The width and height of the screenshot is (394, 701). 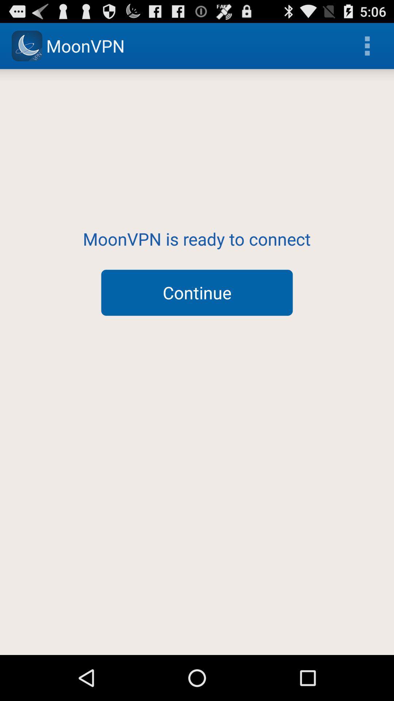 What do you see at coordinates (197, 292) in the screenshot?
I see `continue icon` at bounding box center [197, 292].